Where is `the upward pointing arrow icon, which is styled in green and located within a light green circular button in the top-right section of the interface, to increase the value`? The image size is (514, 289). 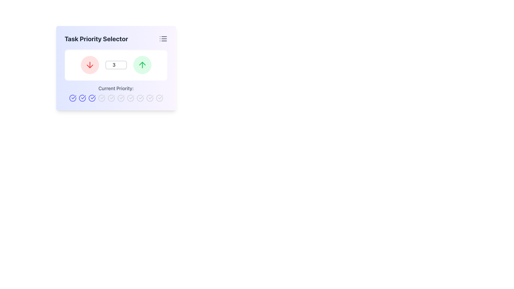 the upward pointing arrow icon, which is styled in green and located within a light green circular button in the top-right section of the interface, to increase the value is located at coordinates (142, 63).